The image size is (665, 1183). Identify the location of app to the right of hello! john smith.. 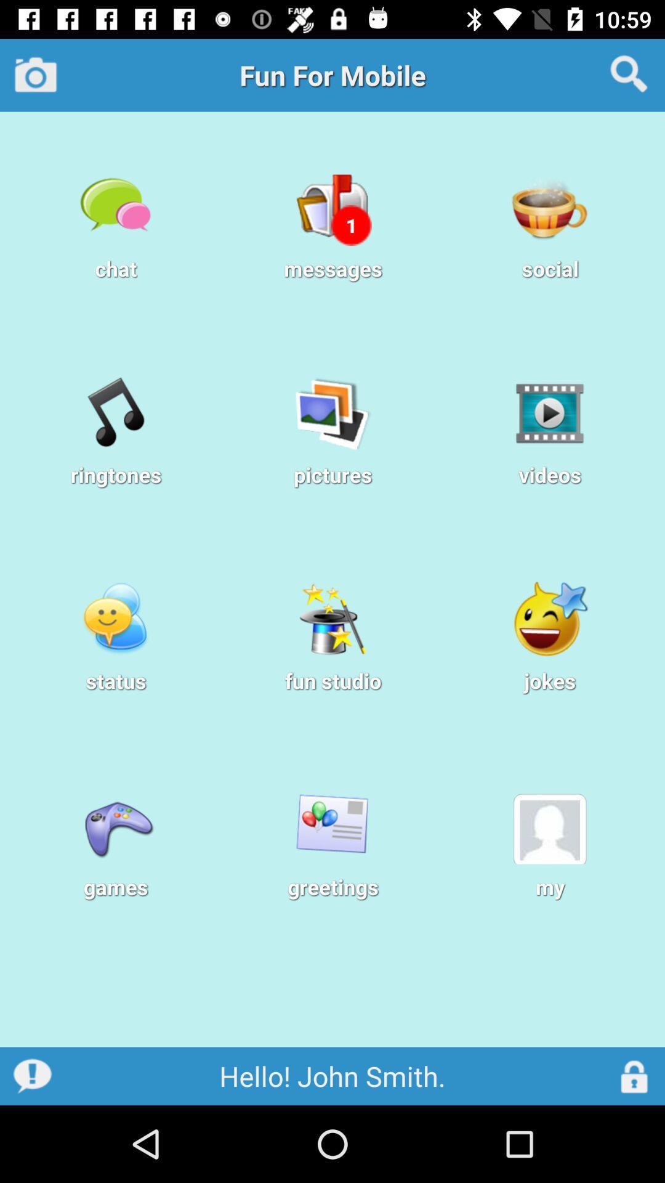
(634, 1075).